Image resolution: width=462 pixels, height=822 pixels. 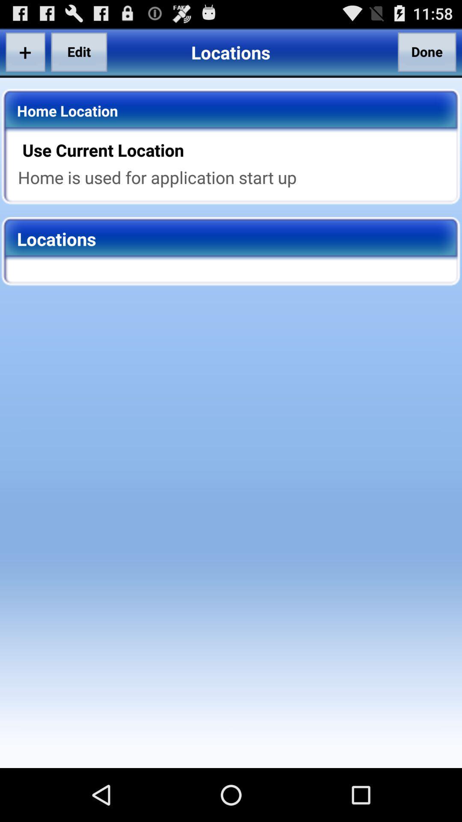 What do you see at coordinates (25, 51) in the screenshot?
I see `item to the left of edit icon` at bounding box center [25, 51].